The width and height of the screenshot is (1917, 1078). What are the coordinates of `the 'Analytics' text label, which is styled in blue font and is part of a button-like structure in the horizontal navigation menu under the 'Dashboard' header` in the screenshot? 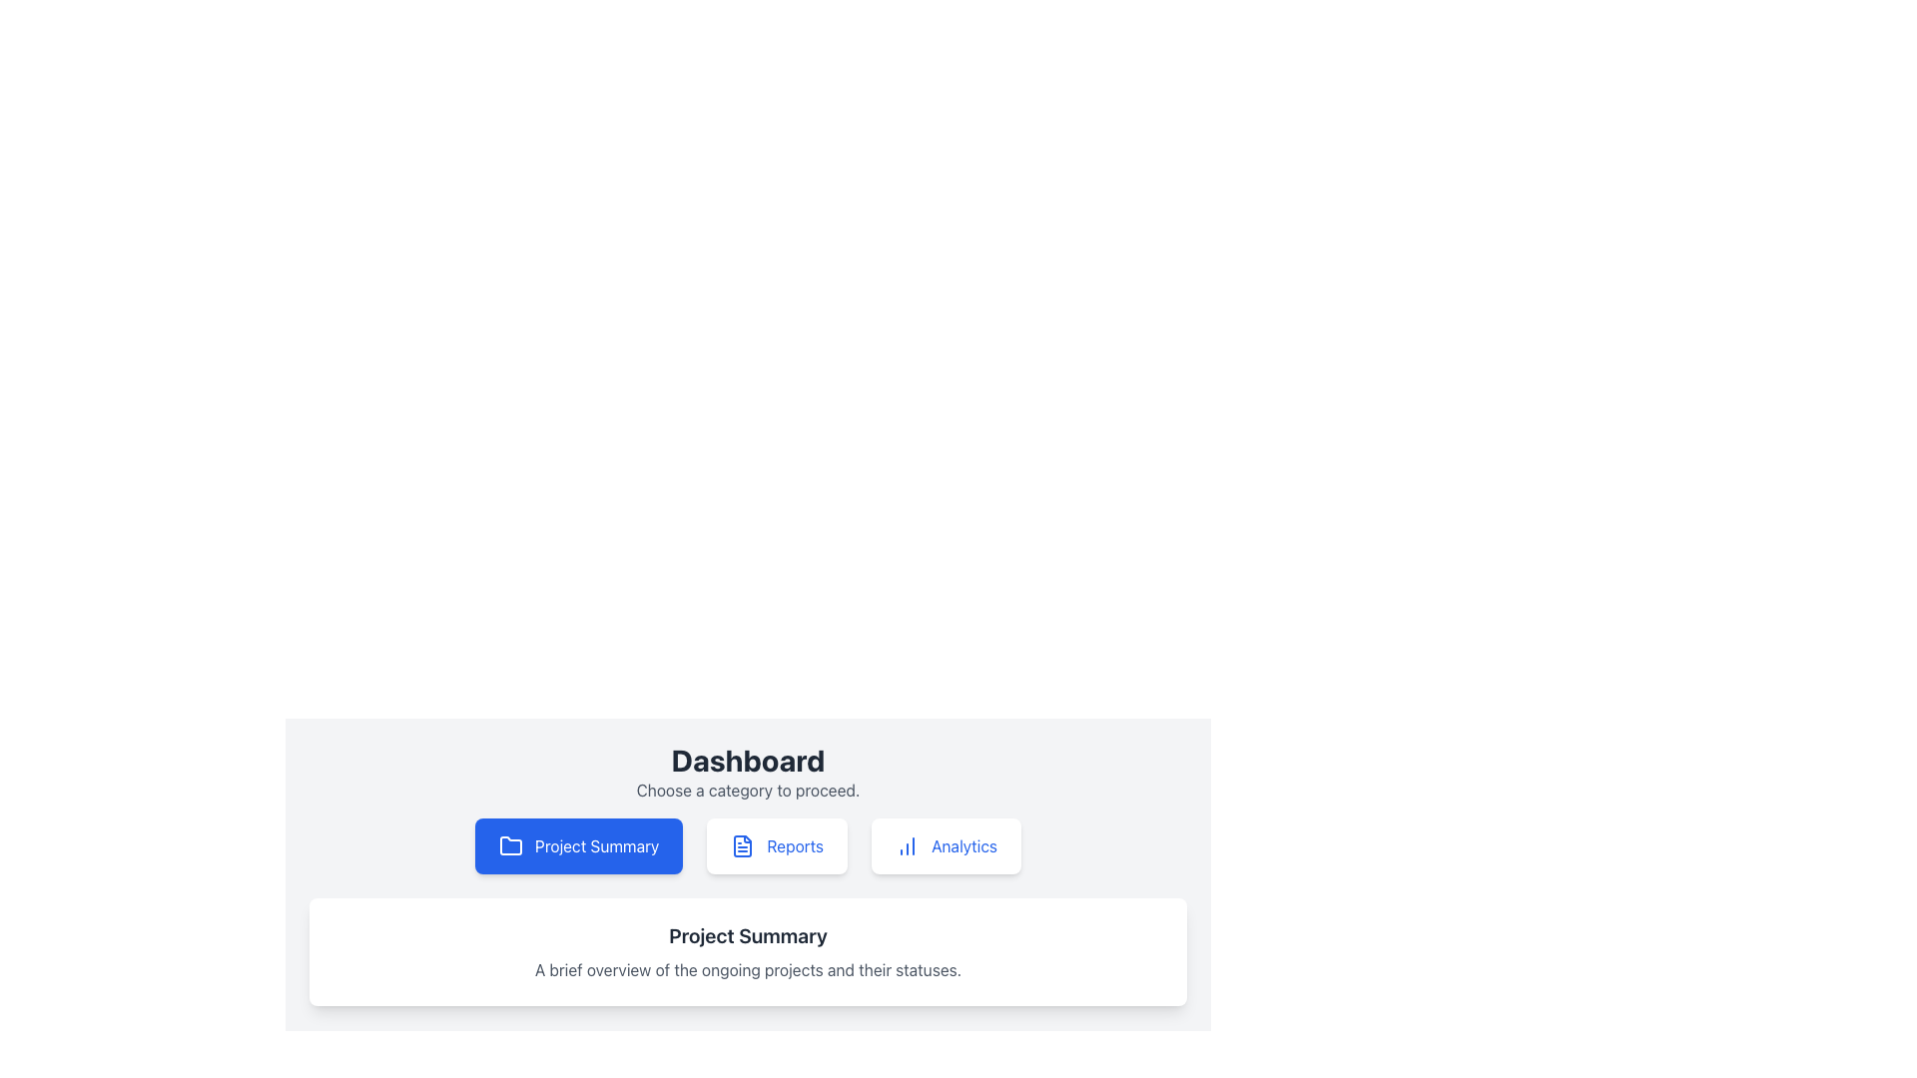 It's located at (963, 846).